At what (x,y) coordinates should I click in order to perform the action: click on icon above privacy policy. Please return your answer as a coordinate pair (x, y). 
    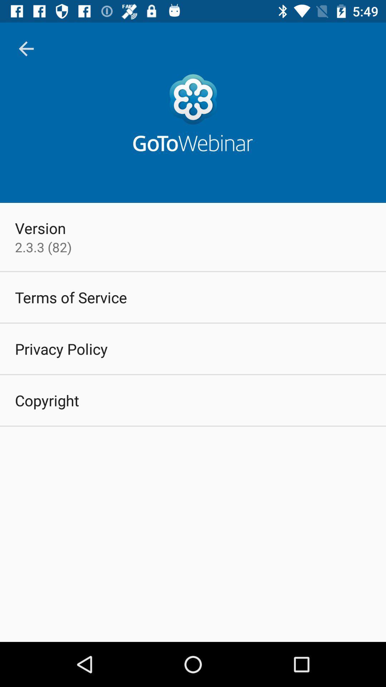
    Looking at the image, I should click on (71, 297).